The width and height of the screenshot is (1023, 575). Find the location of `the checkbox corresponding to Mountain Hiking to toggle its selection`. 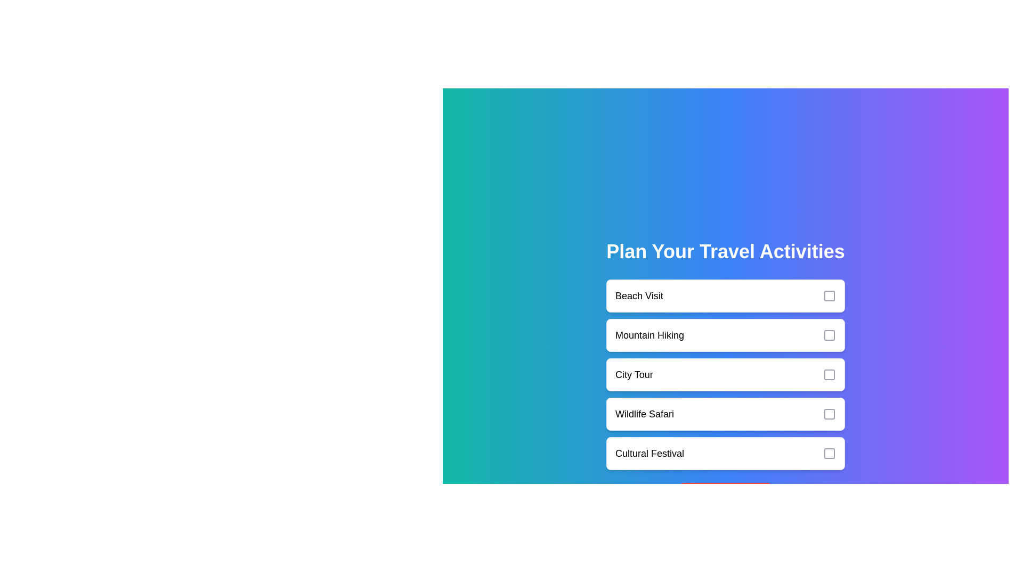

the checkbox corresponding to Mountain Hiking to toggle its selection is located at coordinates (829, 334).